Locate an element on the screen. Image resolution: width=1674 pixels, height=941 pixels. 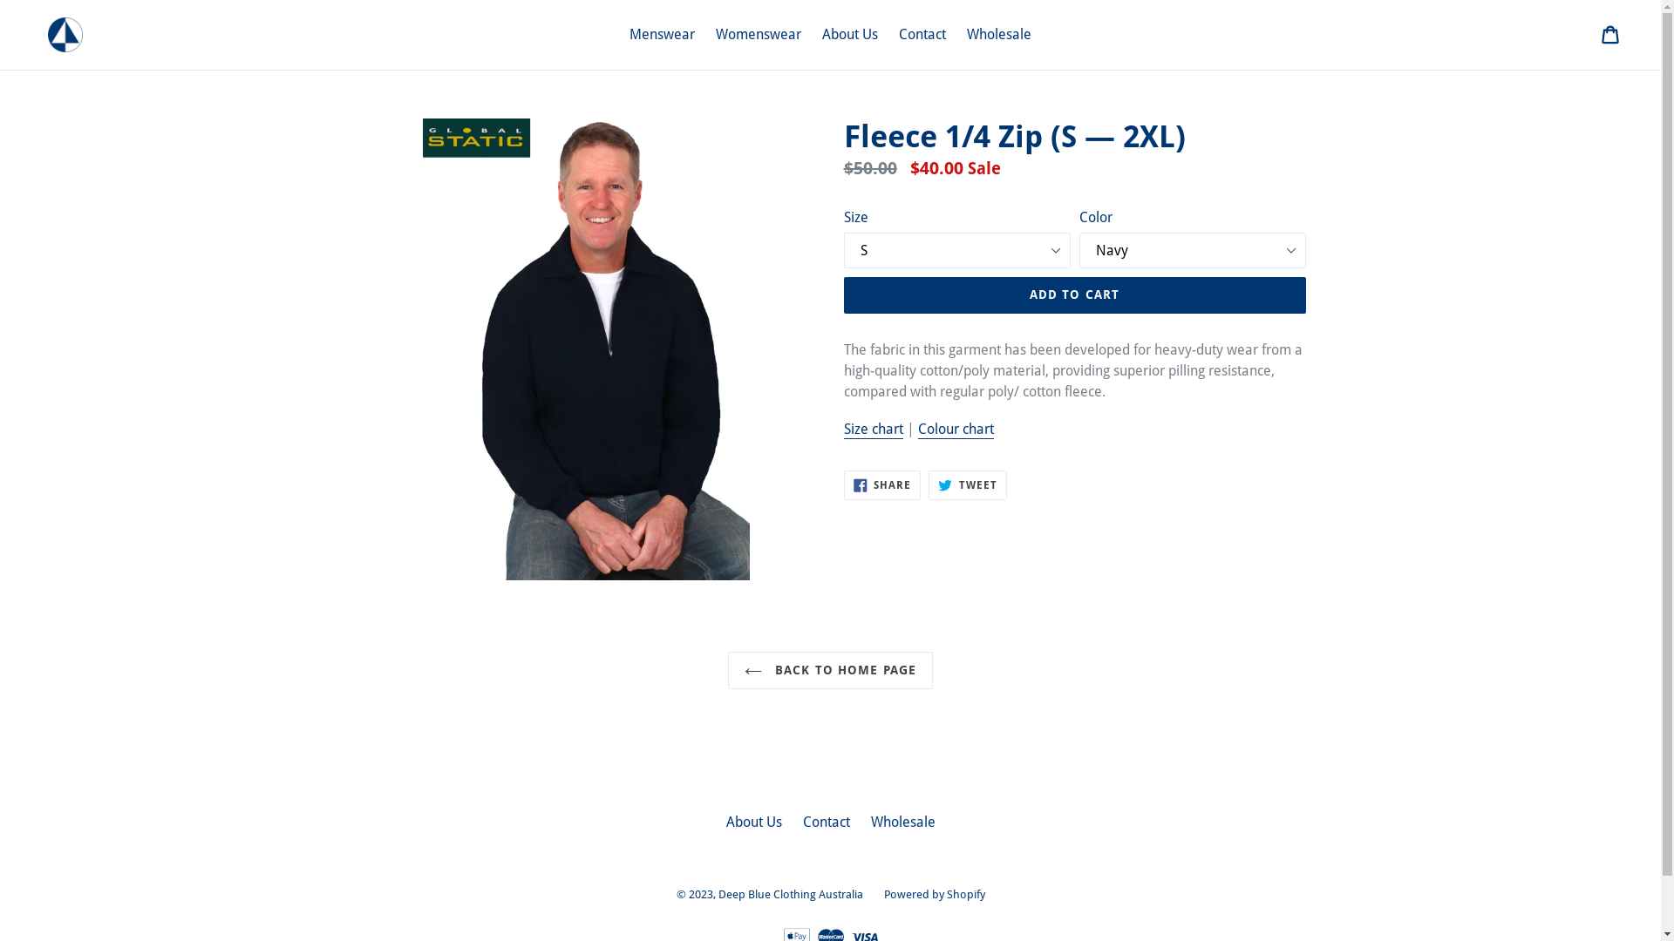
'Powered by Shopify' is located at coordinates (883, 894).